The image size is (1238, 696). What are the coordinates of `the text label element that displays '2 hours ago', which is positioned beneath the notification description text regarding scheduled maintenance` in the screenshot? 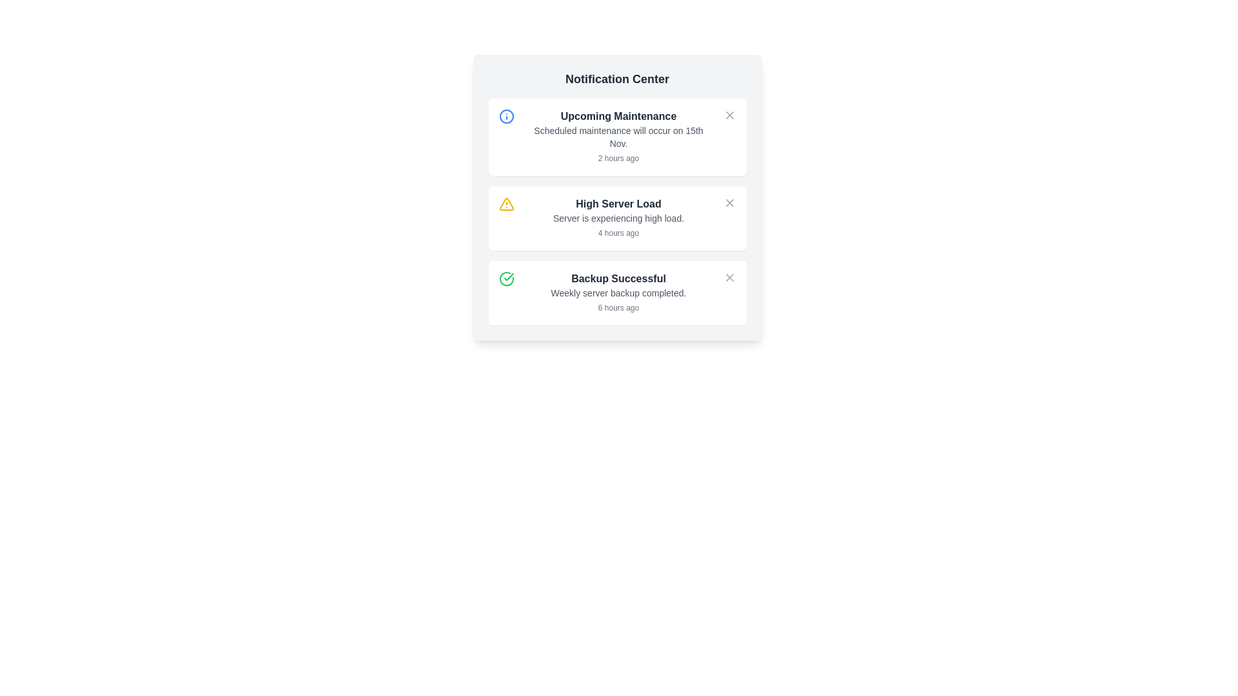 It's located at (618, 158).